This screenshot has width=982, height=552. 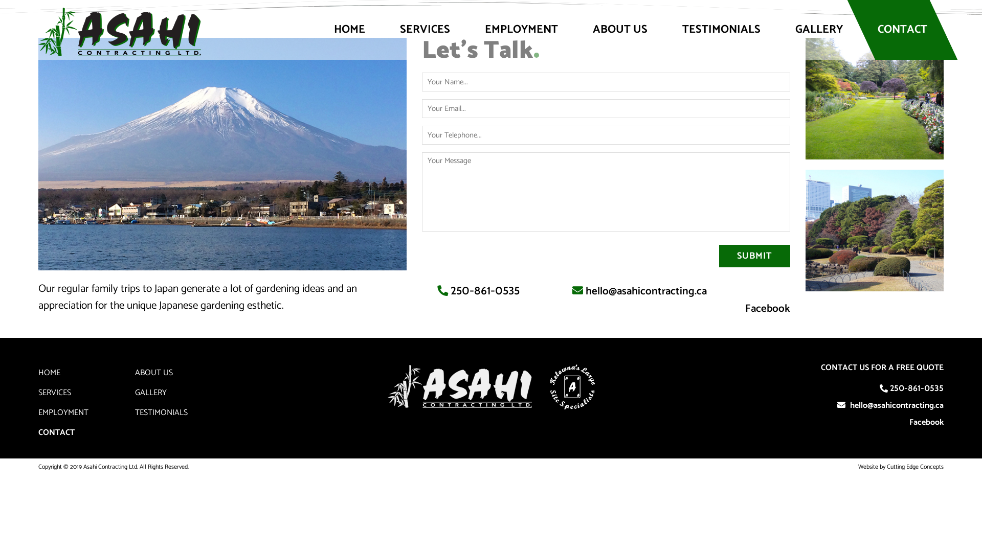 What do you see at coordinates (902, 29) in the screenshot?
I see `'CONTACT'` at bounding box center [902, 29].